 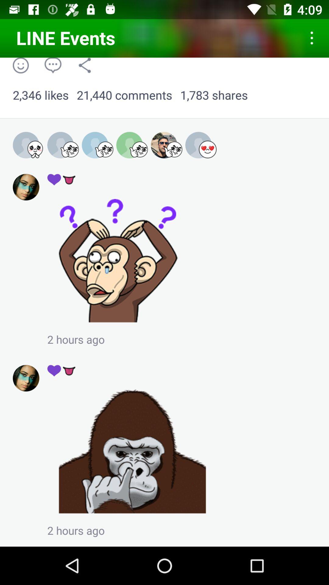 I want to click on enlarge picture, so click(x=132, y=451).